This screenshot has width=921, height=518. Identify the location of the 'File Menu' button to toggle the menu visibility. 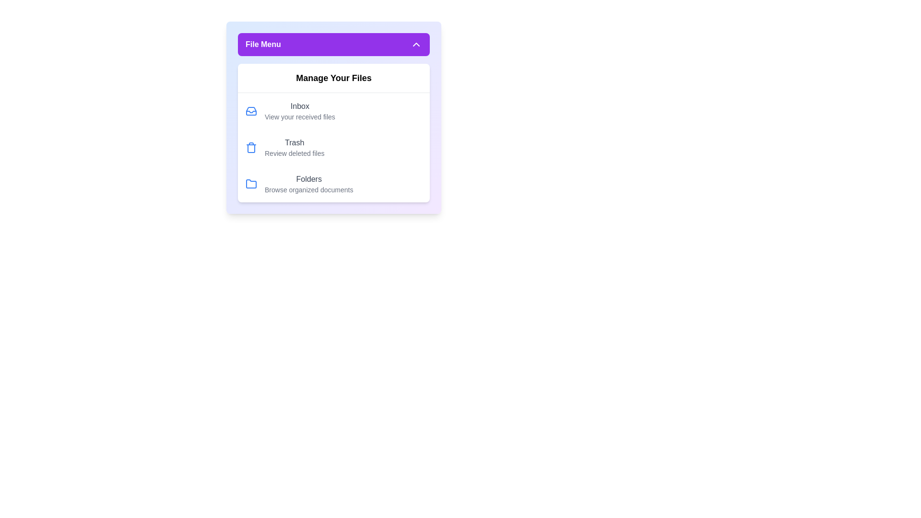
(334, 44).